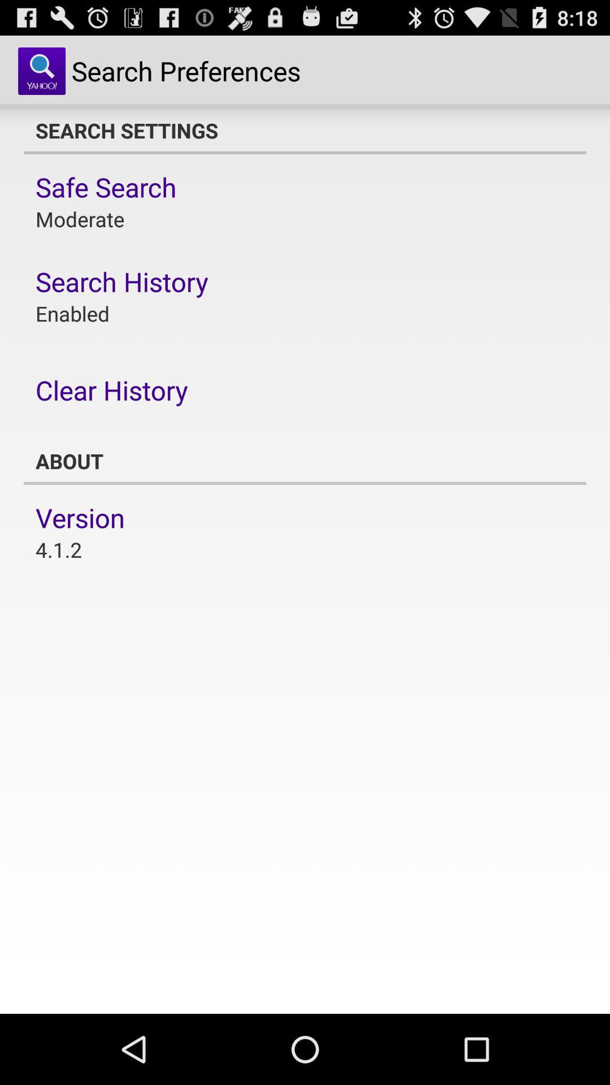 The image size is (610, 1085). Describe the element at coordinates (305, 130) in the screenshot. I see `app above the safe search` at that location.